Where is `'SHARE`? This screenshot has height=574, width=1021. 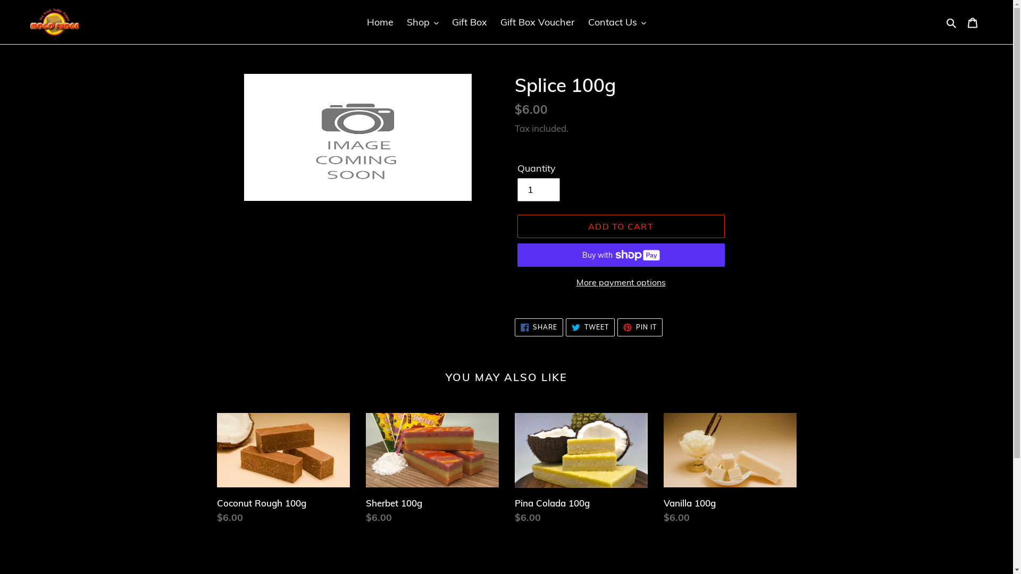 'SHARE is located at coordinates (539, 327).